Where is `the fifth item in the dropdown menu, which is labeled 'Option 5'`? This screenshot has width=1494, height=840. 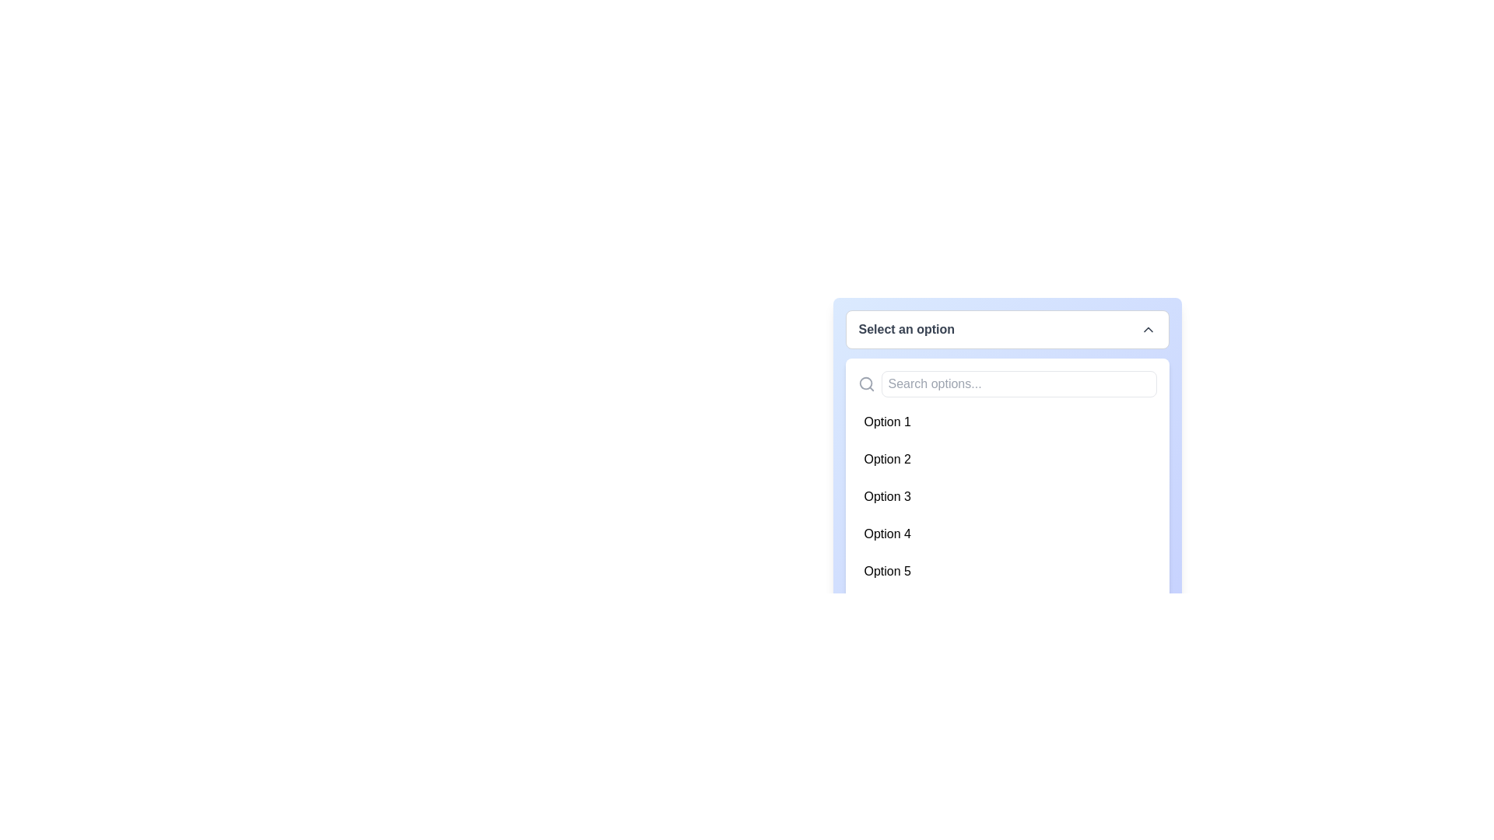 the fifth item in the dropdown menu, which is labeled 'Option 5' is located at coordinates (1007, 572).